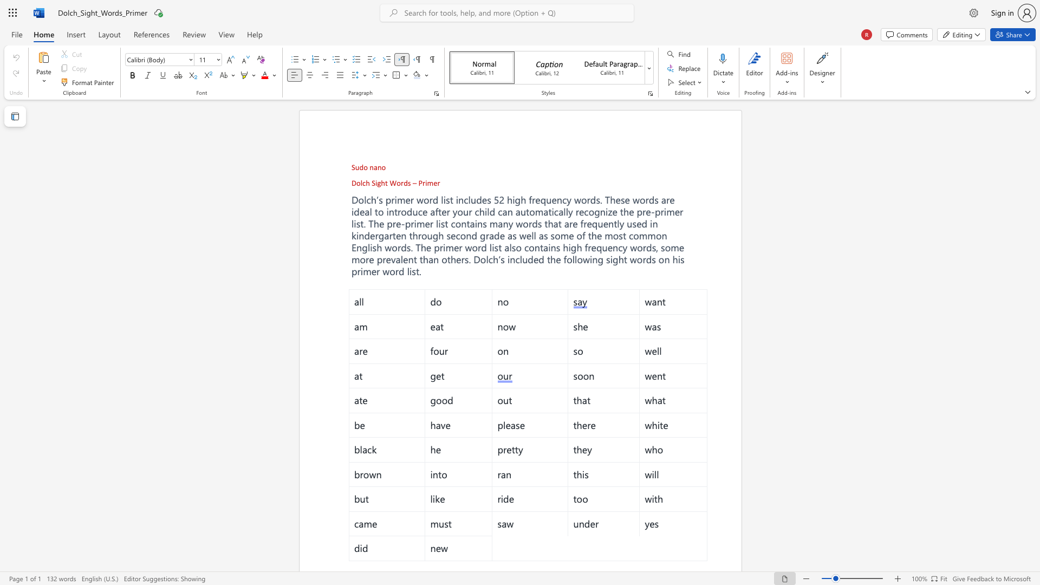  I want to click on the subset text "reque" within the text "frequently", so click(583, 223).